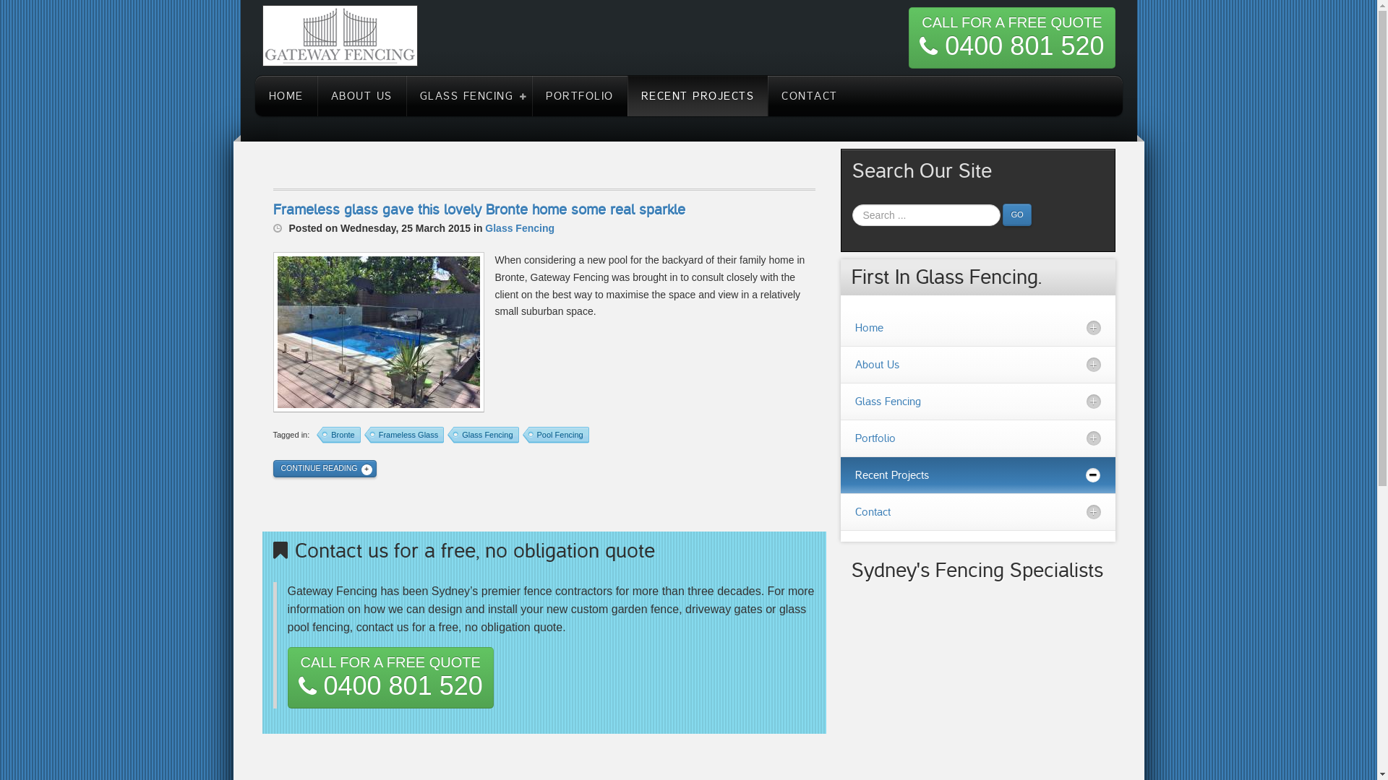  What do you see at coordinates (766, 95) in the screenshot?
I see `'CONTACT'` at bounding box center [766, 95].